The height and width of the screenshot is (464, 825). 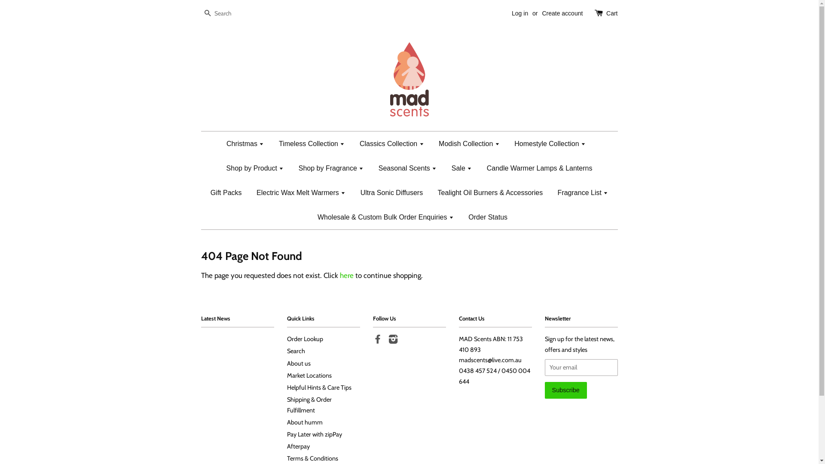 What do you see at coordinates (354, 192) in the screenshot?
I see `'Ultra Sonic Diffusers'` at bounding box center [354, 192].